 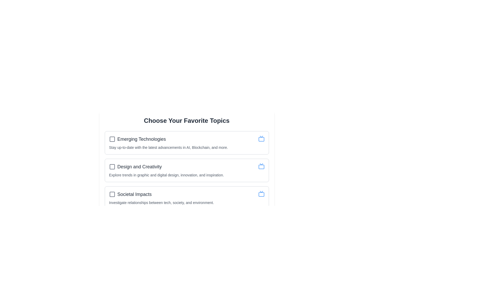 I want to click on the SVG television icon with a blue outline, located next to the 'Societal Impacts' text in the 'Choose Your Favorite Topics' section, so click(x=261, y=194).